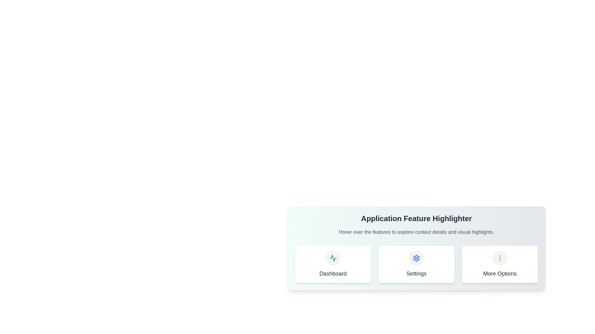 The height and width of the screenshot is (334, 595). Describe the element at coordinates (333, 273) in the screenshot. I see `label of the text component labeled 'Dashboard', which is centrally positioned at the bottom of a white card with rounded corners` at that location.